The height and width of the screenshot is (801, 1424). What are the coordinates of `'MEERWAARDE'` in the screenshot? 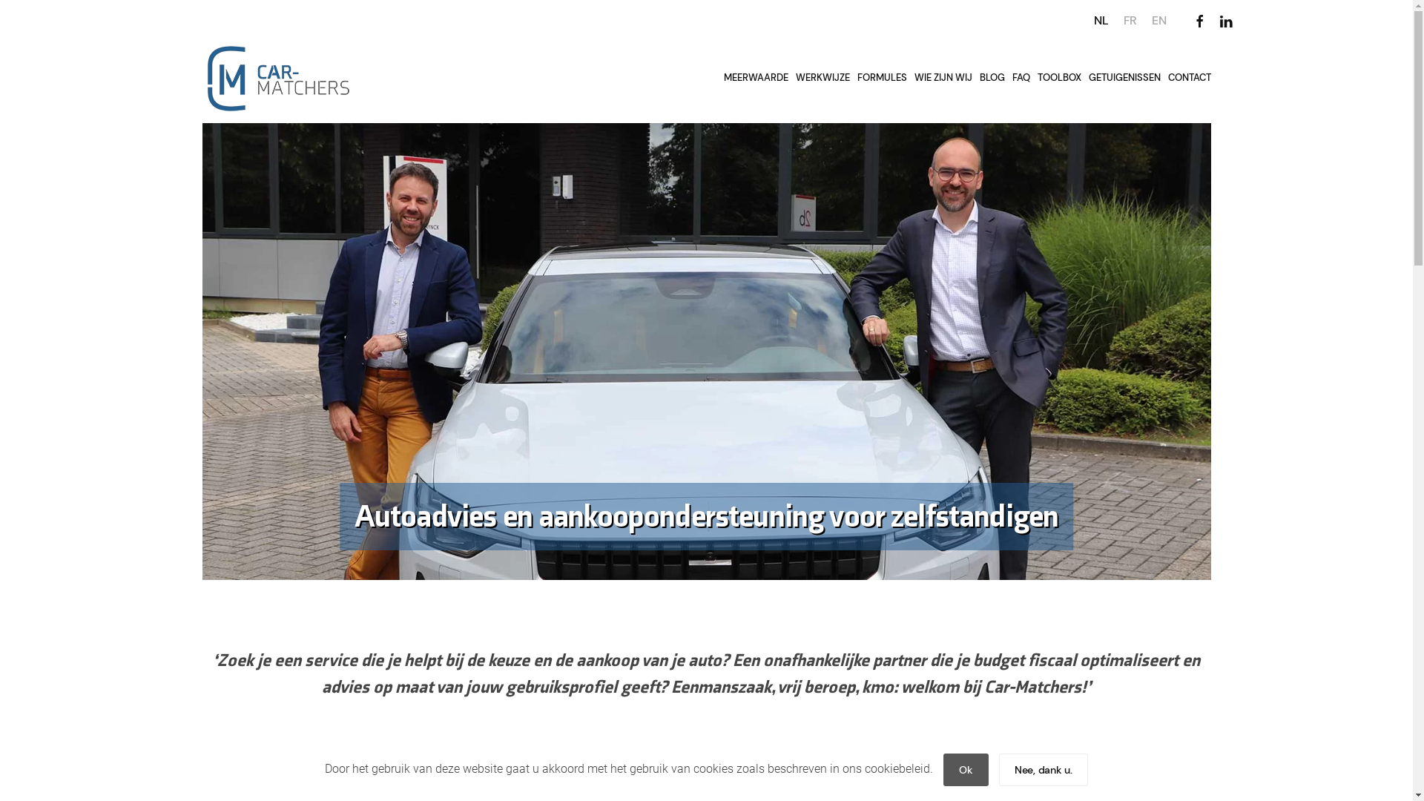 It's located at (719, 78).